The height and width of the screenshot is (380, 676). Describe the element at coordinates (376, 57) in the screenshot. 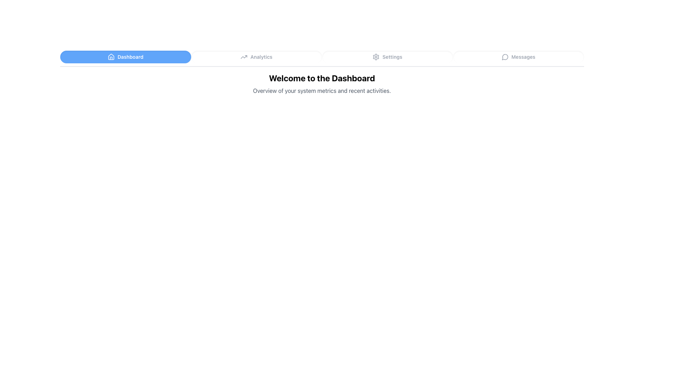

I see `the settings icon located in the navigation bar near the top of the page` at that location.